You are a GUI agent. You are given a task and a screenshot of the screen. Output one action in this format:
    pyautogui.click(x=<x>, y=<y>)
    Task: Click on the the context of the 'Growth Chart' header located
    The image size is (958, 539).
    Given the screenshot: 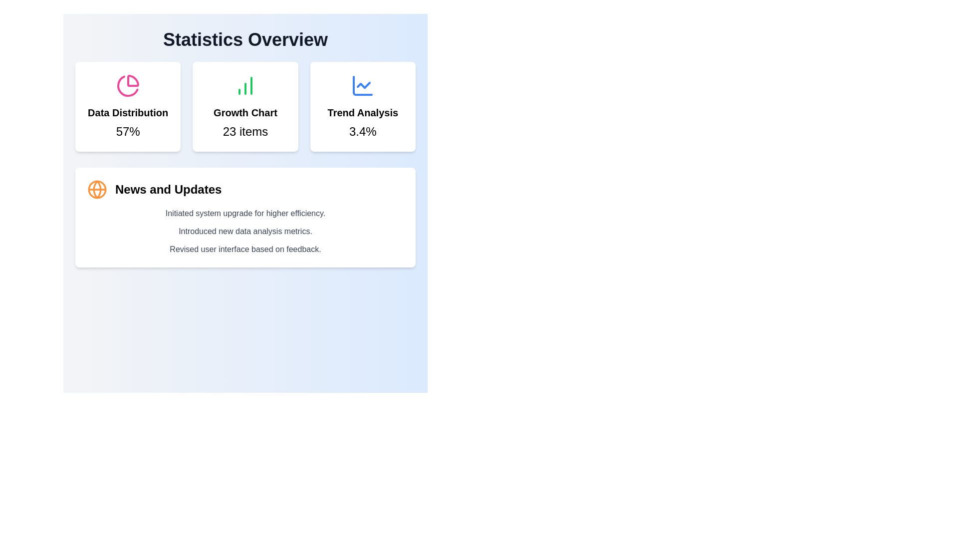 What is the action you would take?
    pyautogui.click(x=245, y=112)
    